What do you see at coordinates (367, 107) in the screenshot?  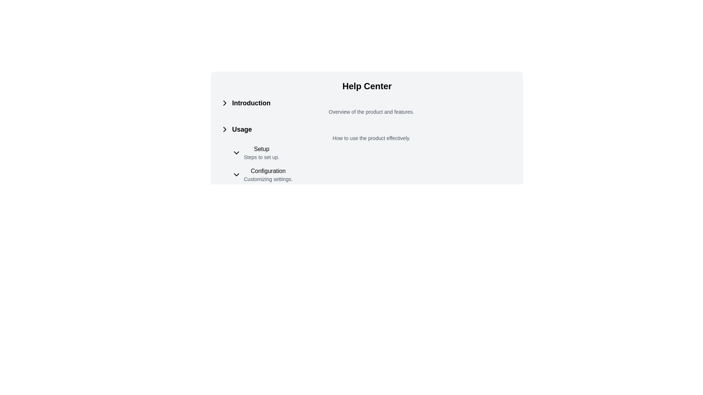 I see `description text located under the 'Introduction' header in the Help Center section, which states 'Overview of the product and features.'` at bounding box center [367, 107].